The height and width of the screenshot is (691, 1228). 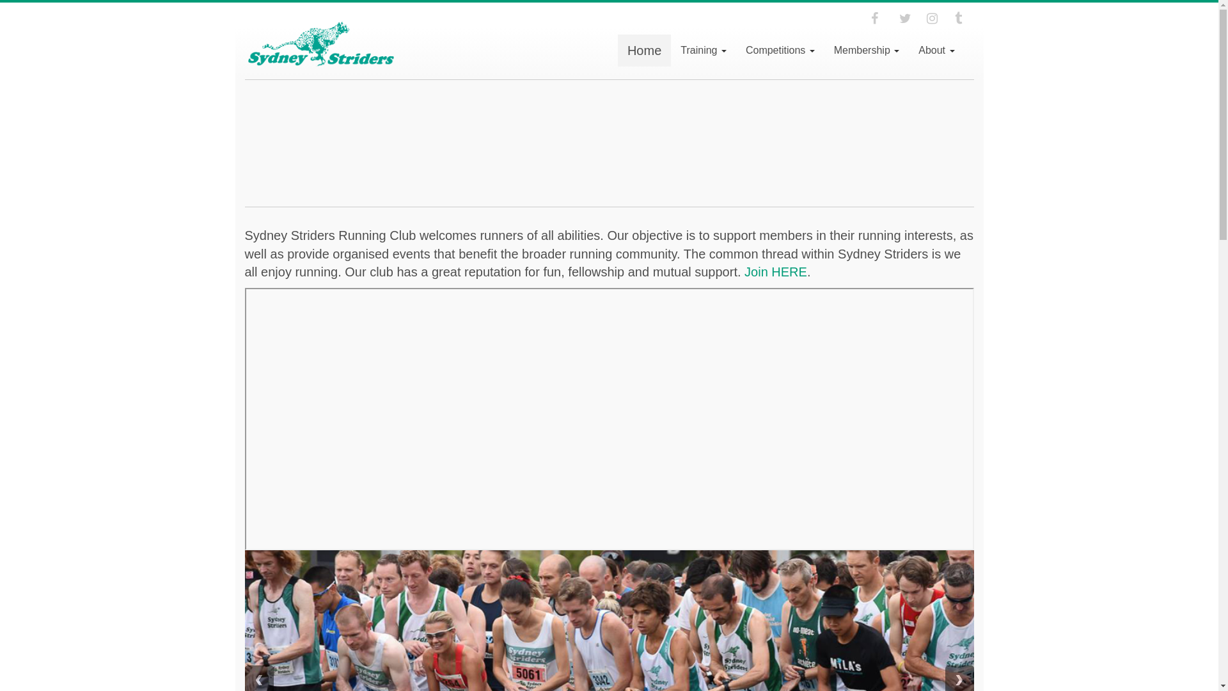 I want to click on 'Training', so click(x=702, y=49).